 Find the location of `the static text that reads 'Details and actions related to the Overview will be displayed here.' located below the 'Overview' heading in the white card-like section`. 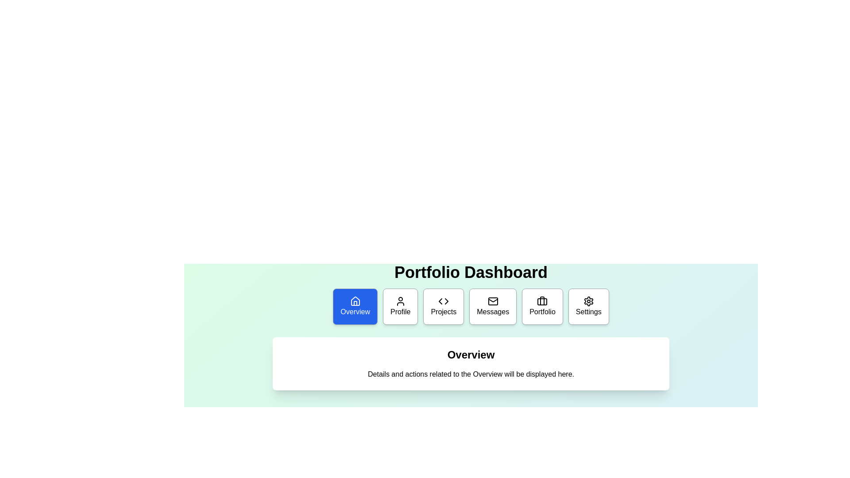

the static text that reads 'Details and actions related to the Overview will be displayed here.' located below the 'Overview' heading in the white card-like section is located at coordinates (471, 374).